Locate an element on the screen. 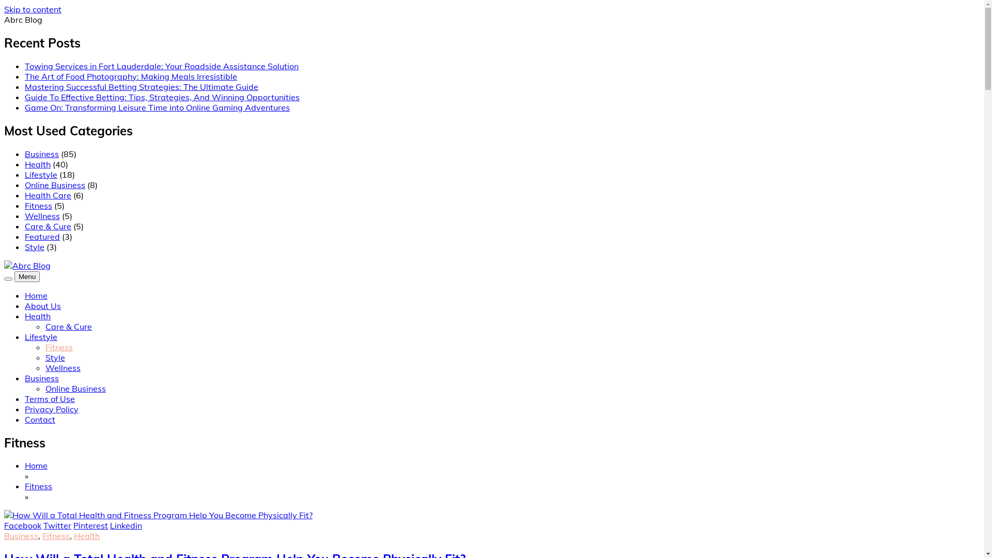 The image size is (992, 558). 'Privacy Policy' is located at coordinates (25, 408).